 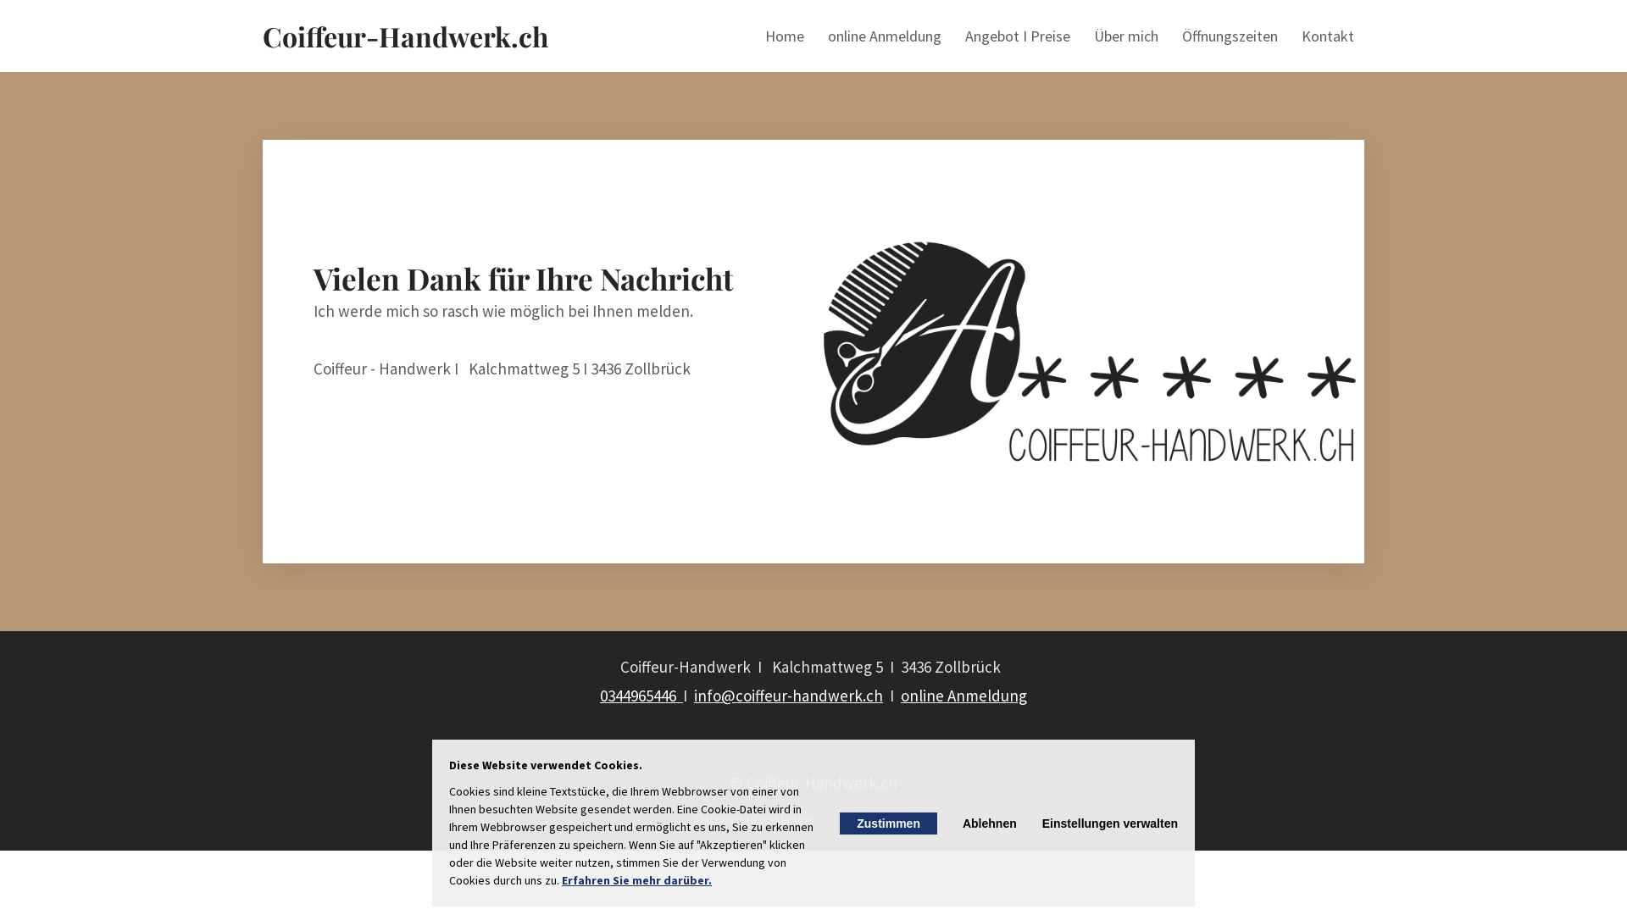 I want to click on 'Coiffeur-Handwerk.ch', so click(x=404, y=36).